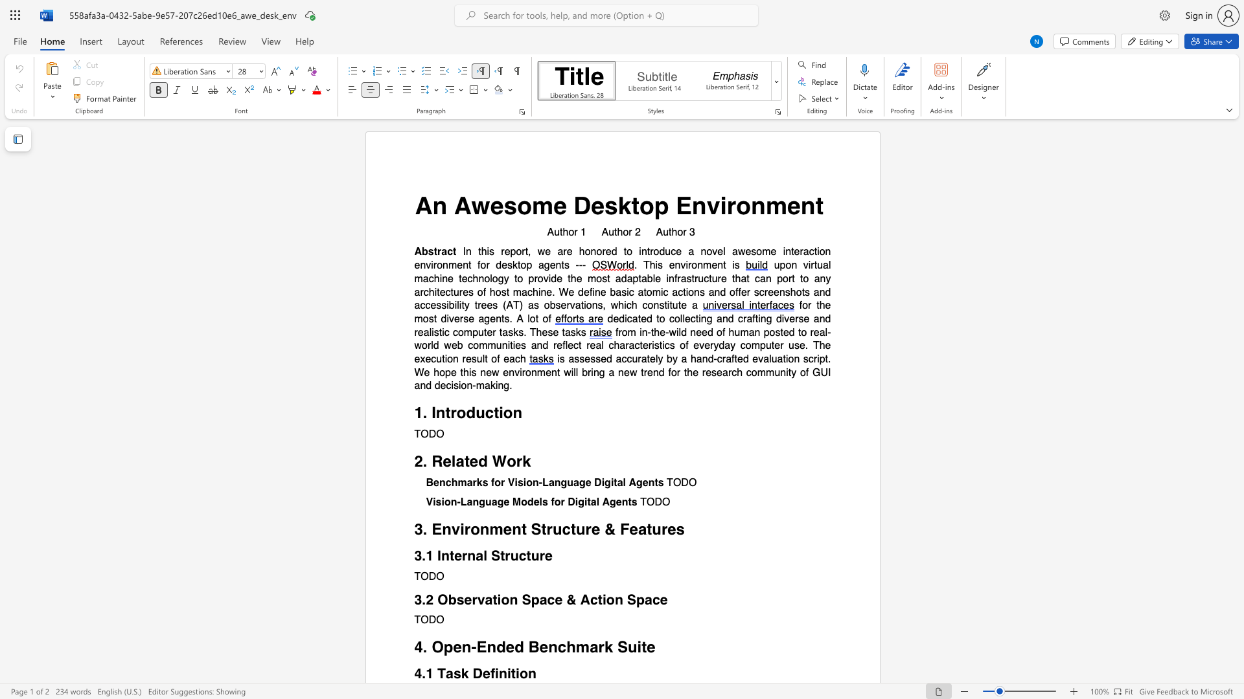  Describe the element at coordinates (689, 359) in the screenshot. I see `the subset text "hand-crafted evalua" within the text "is assessed accurately by a hand-crafted evaluation script. We hope this"` at that location.